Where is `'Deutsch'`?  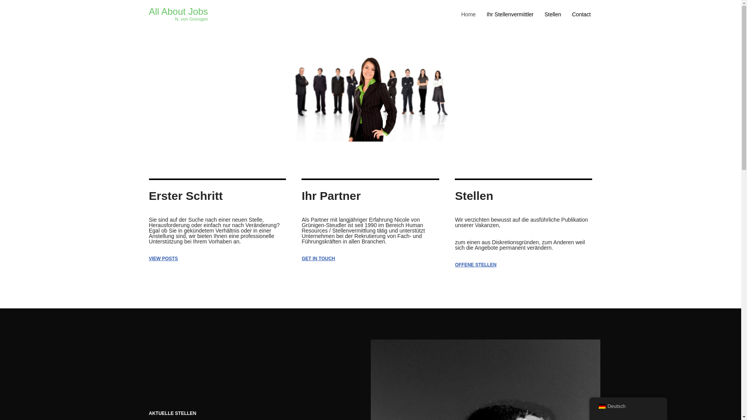
'Deutsch' is located at coordinates (628, 406).